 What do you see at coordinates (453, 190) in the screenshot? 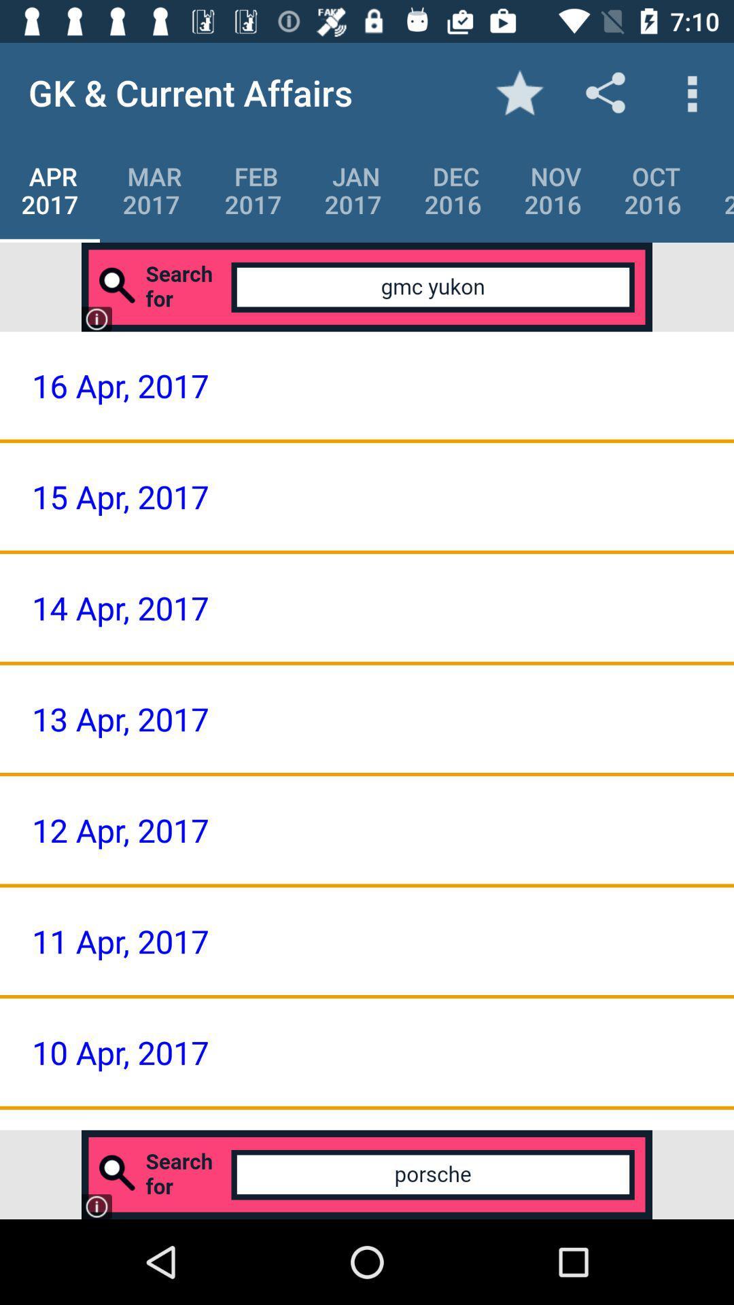
I see `the icon next to the  nov` at bounding box center [453, 190].